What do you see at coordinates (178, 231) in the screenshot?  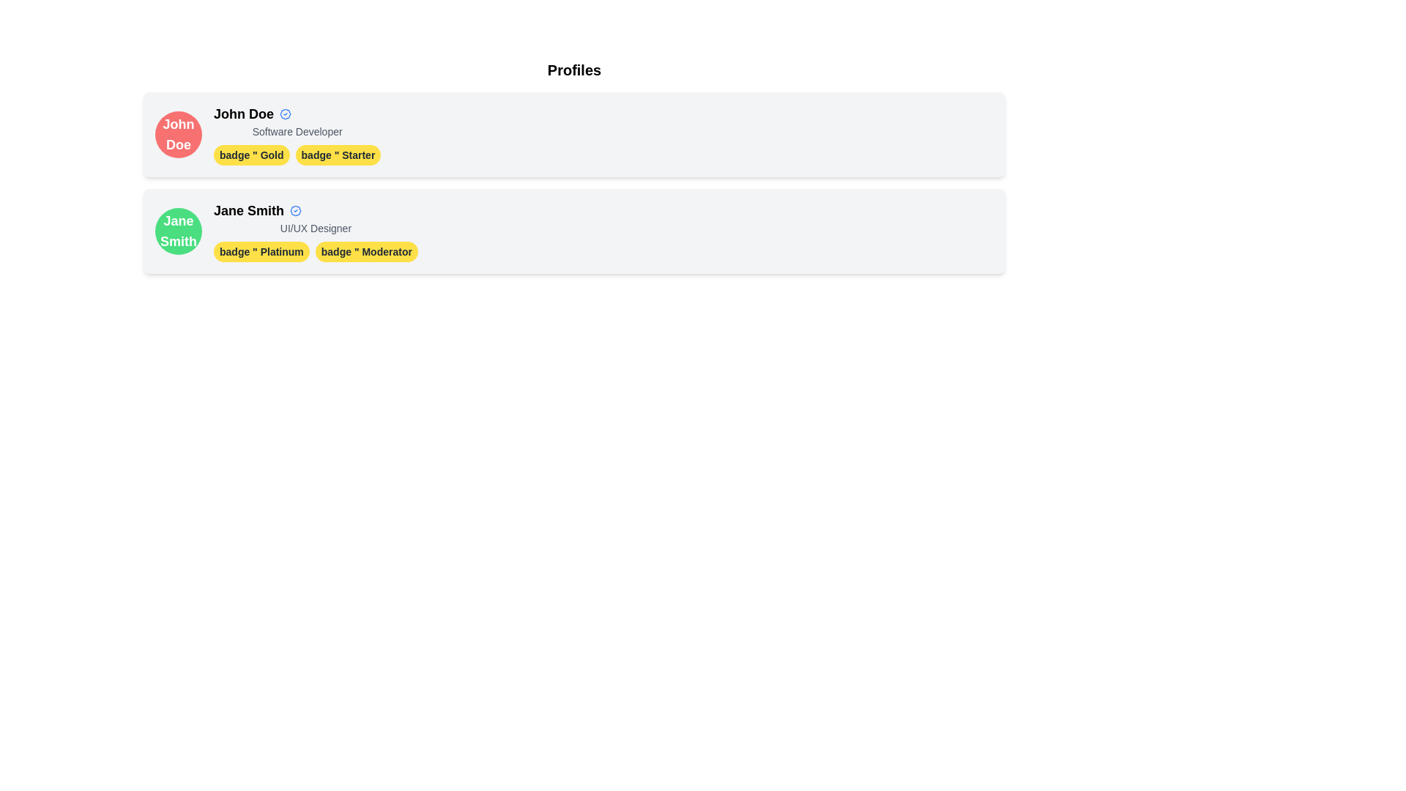 I see `the circular avatar element for 'Jane Smith', which is green with bold white text centered within it` at bounding box center [178, 231].